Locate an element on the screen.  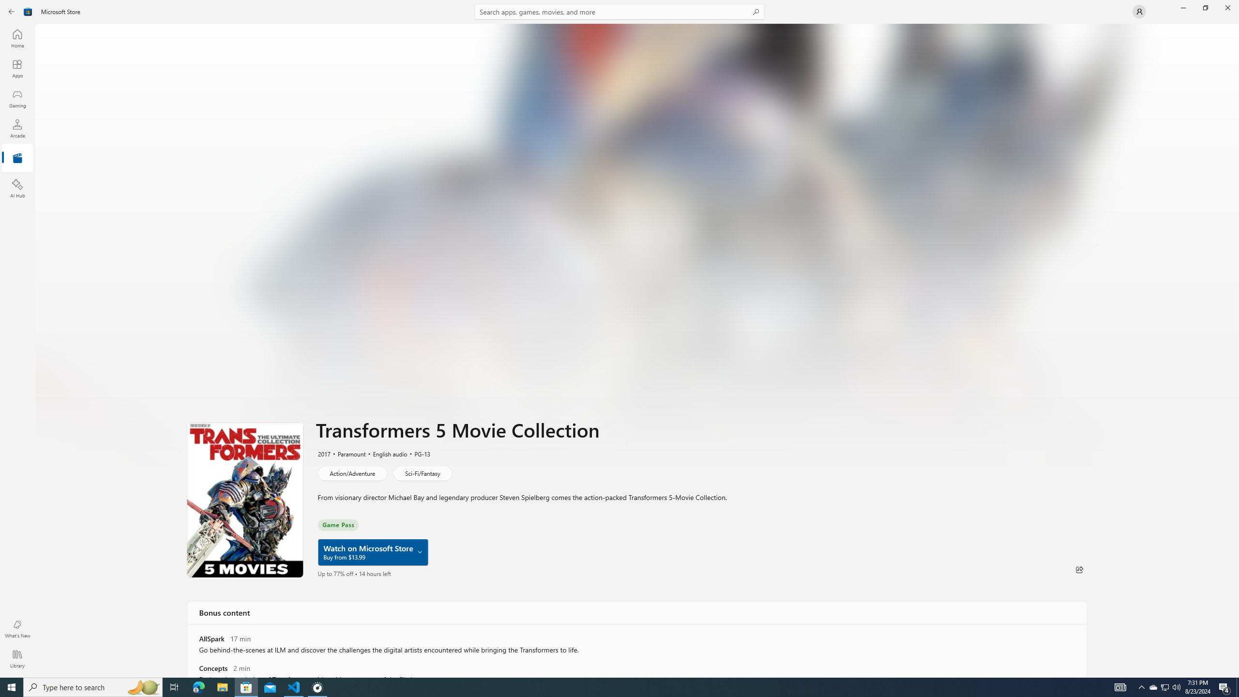
'Entertainment' is located at coordinates (16, 158).